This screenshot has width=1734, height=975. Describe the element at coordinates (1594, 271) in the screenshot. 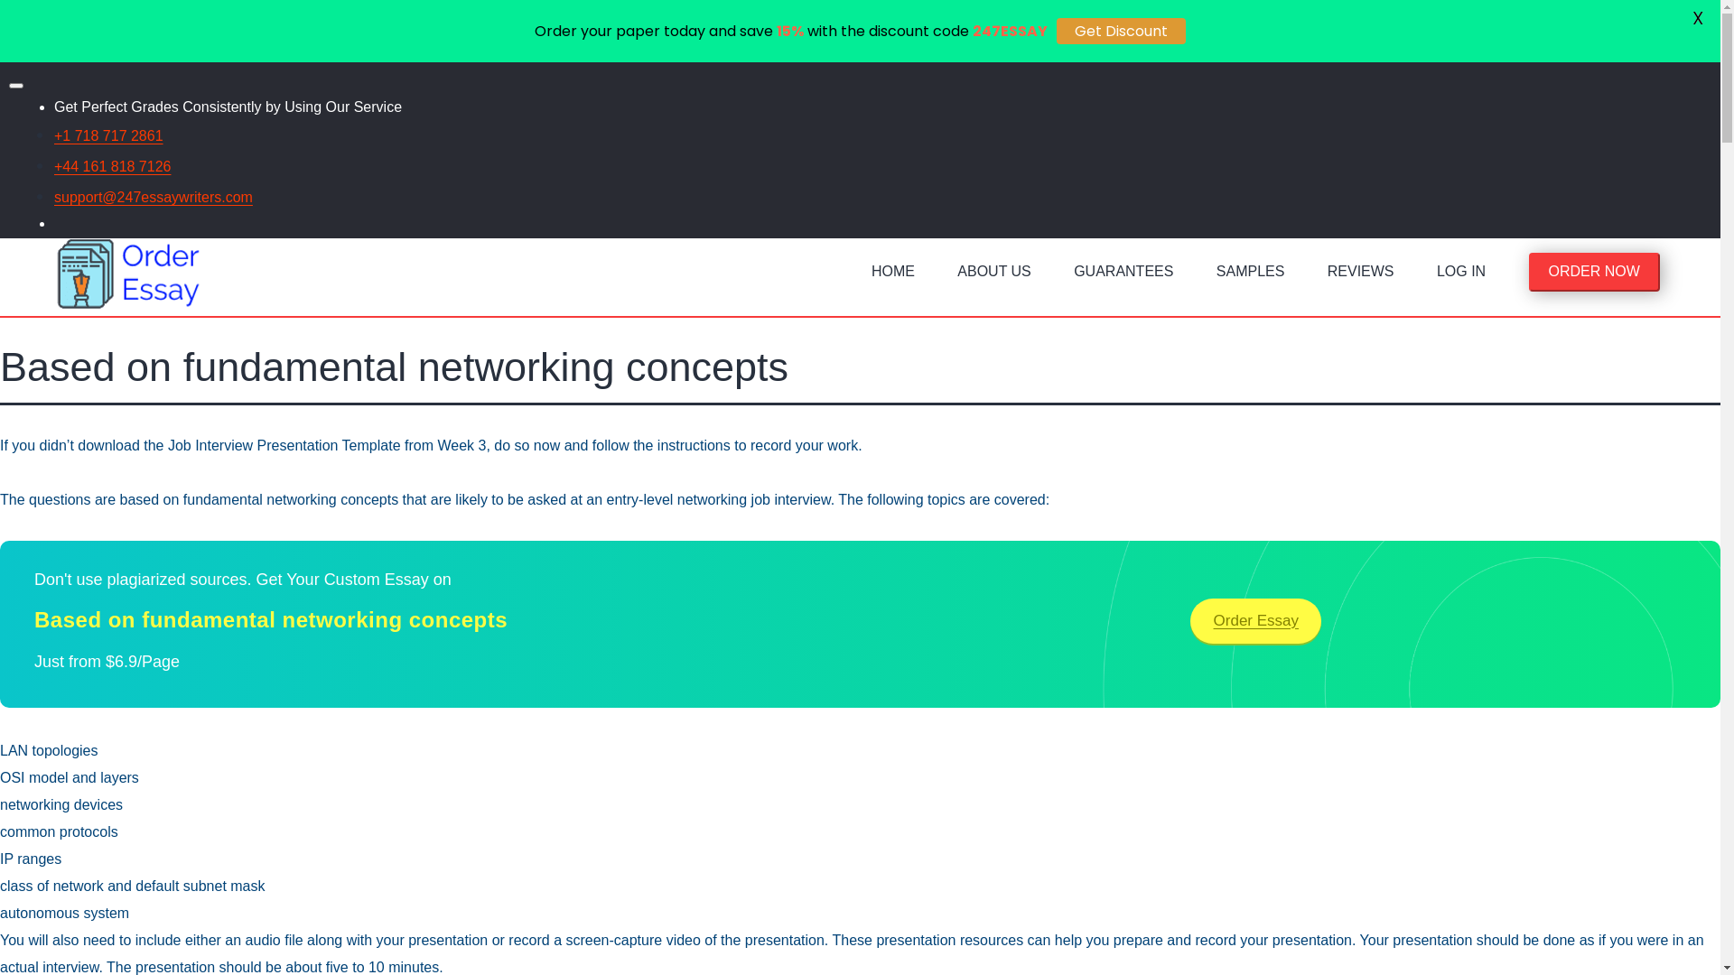

I see `'ORDER NOW'` at that location.